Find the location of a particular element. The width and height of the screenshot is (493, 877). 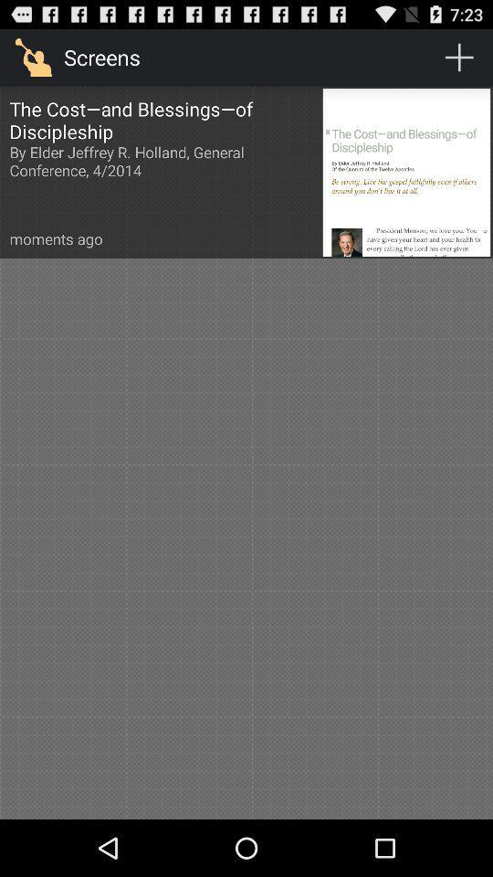

the icon to the right of the screens item is located at coordinates (458, 57).